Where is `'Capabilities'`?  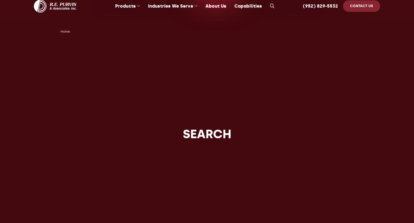 'Capabilities' is located at coordinates (248, 12).